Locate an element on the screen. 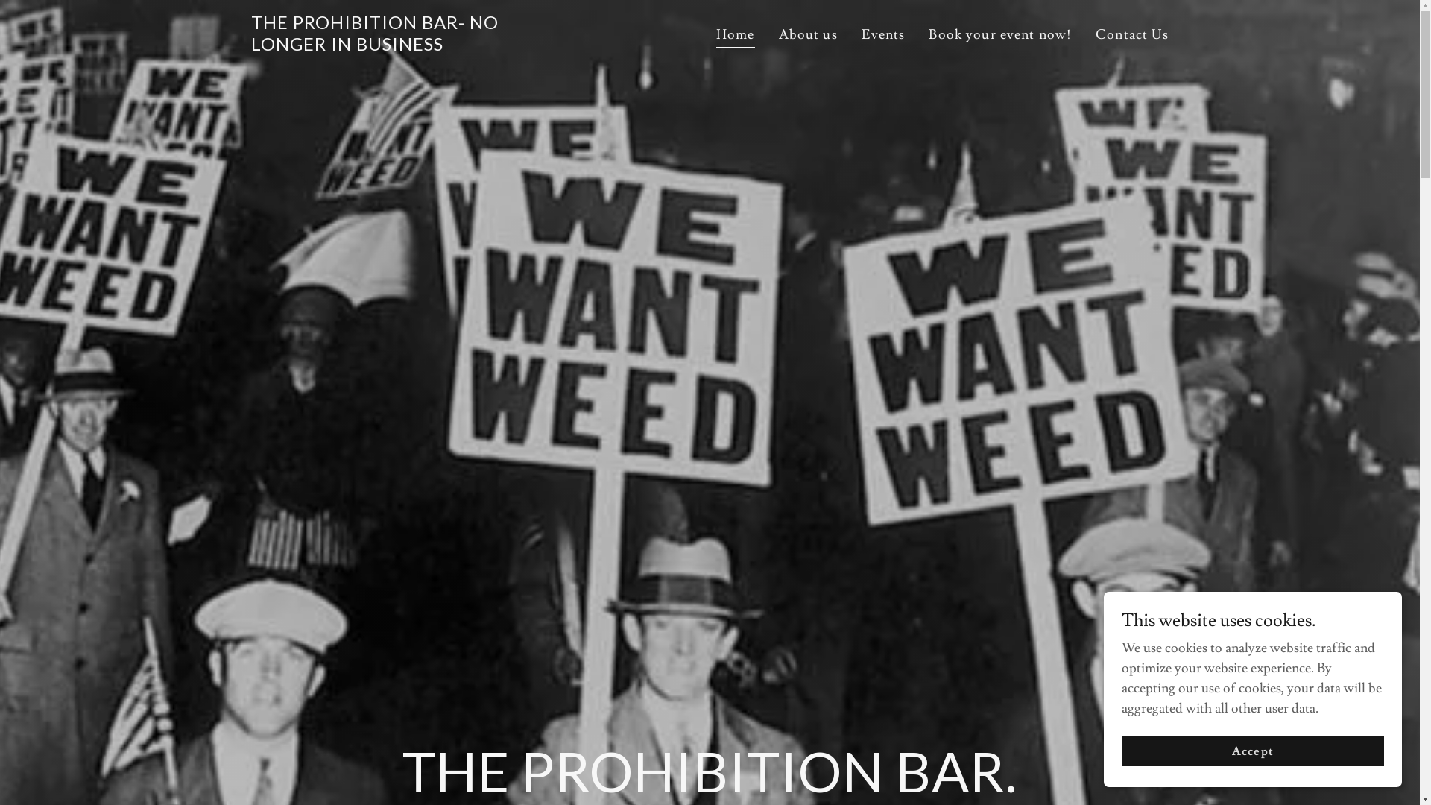 This screenshot has width=1431, height=805. 'About us' is located at coordinates (807, 34).